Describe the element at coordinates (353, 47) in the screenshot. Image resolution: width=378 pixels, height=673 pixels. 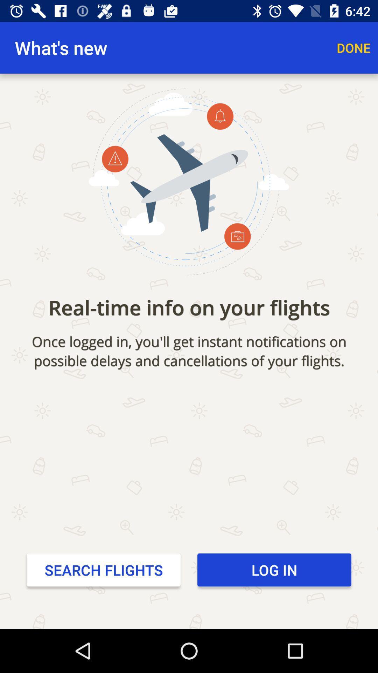
I see `icon next to the what's new item` at that location.